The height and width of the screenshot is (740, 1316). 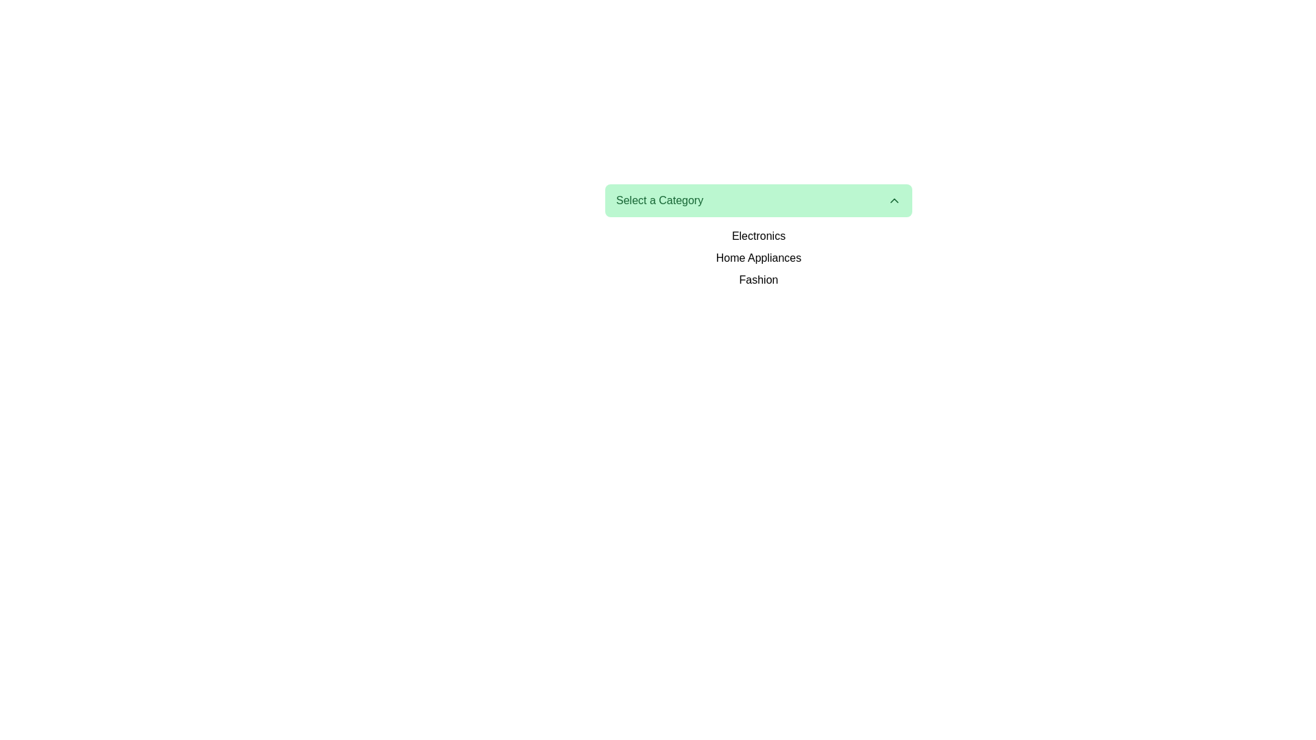 What do you see at coordinates (894, 201) in the screenshot?
I see `the collapse icon located to the right side of the header bar, adjacent to the 'Select a Category' text` at bounding box center [894, 201].